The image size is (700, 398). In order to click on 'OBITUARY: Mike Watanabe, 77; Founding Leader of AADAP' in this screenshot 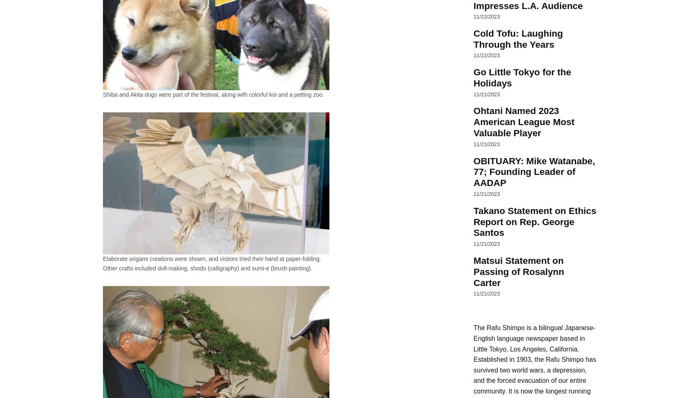, I will do `click(534, 171)`.